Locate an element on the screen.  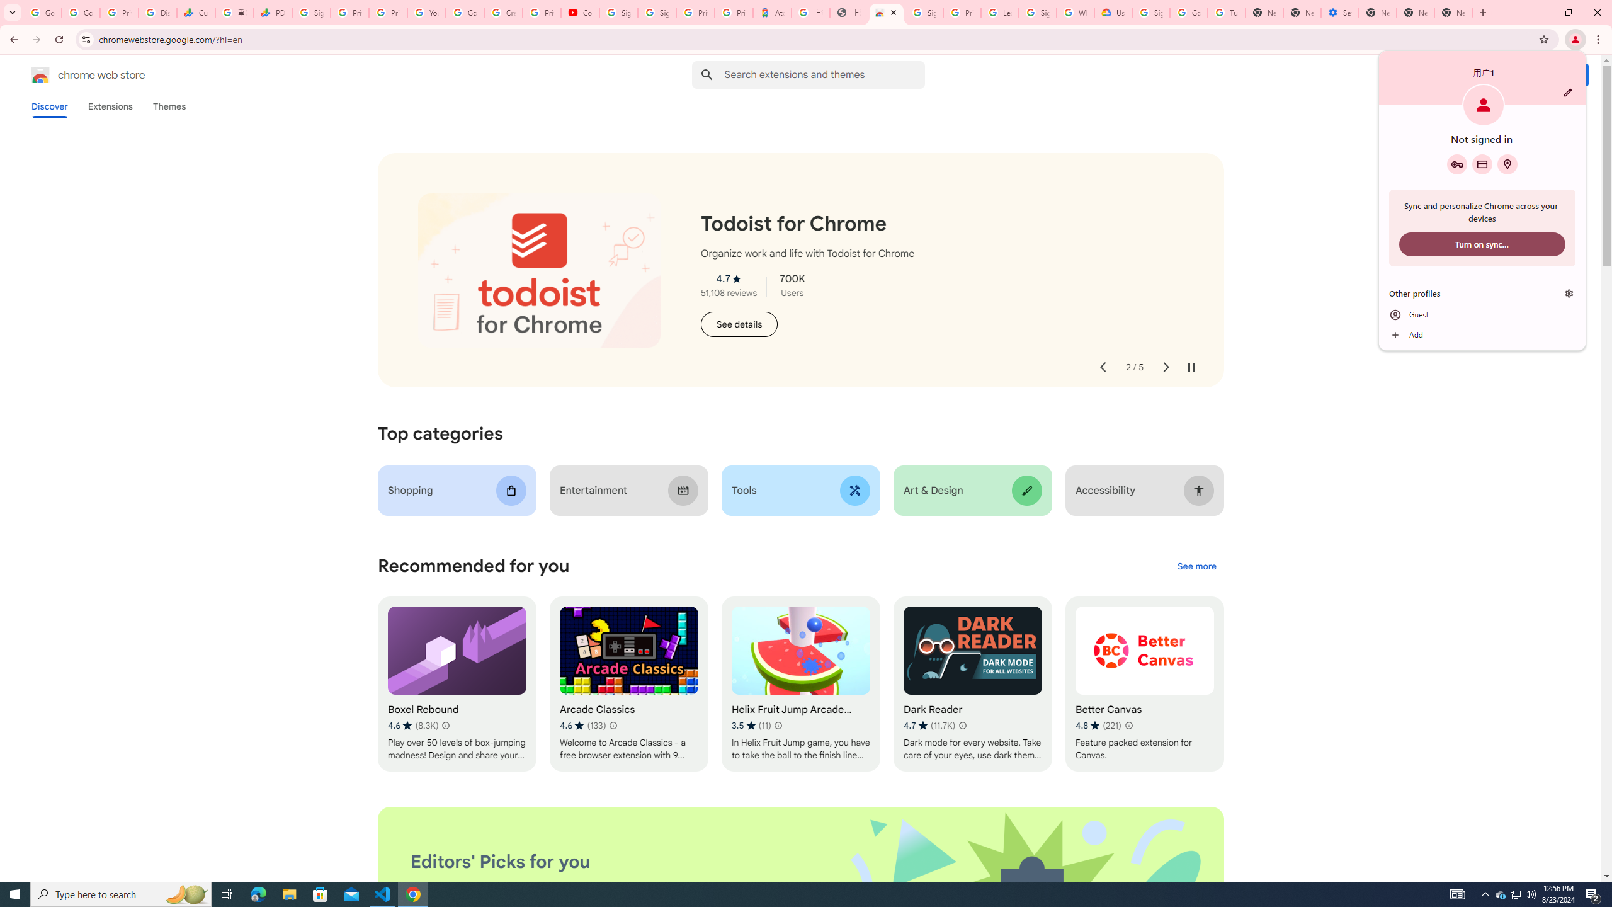
'Search highlights icon opens search home window' is located at coordinates (185, 893).